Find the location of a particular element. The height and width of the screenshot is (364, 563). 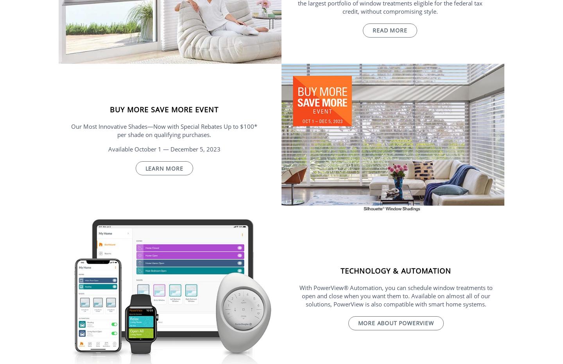

'want them to. Available on almost all of our solutions, PowerView is also compatible with smart home systems.' is located at coordinates (397, 300).